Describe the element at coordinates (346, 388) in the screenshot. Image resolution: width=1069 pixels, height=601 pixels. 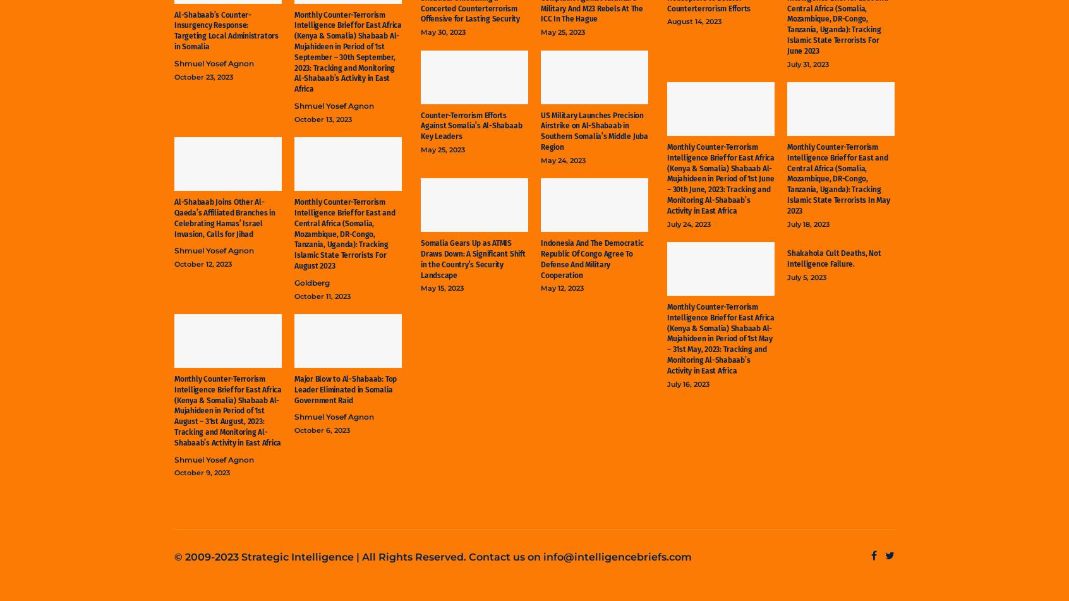
I see `'Major Blow to Al-Shabaab: Top Leader Eliminated in Somalia Government Raid'` at that location.